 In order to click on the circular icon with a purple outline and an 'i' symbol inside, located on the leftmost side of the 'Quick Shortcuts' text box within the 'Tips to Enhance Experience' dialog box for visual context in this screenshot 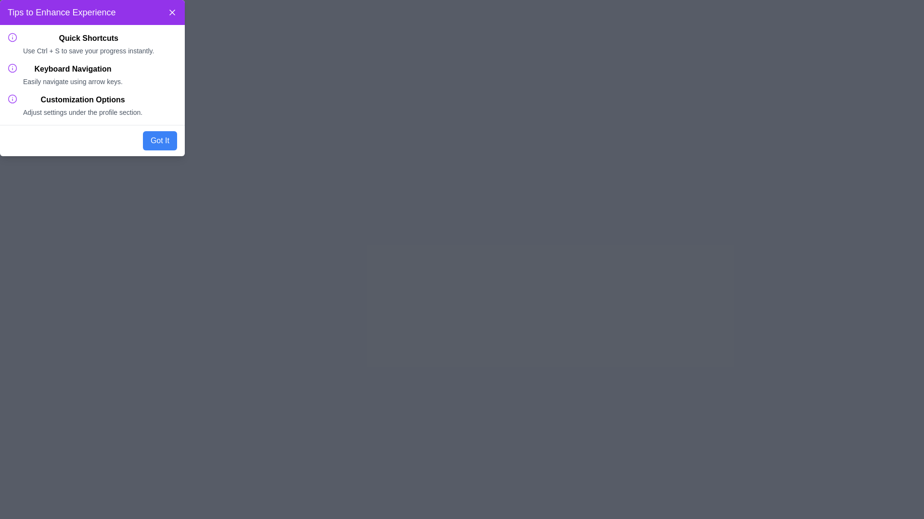, I will do `click(12, 37)`.